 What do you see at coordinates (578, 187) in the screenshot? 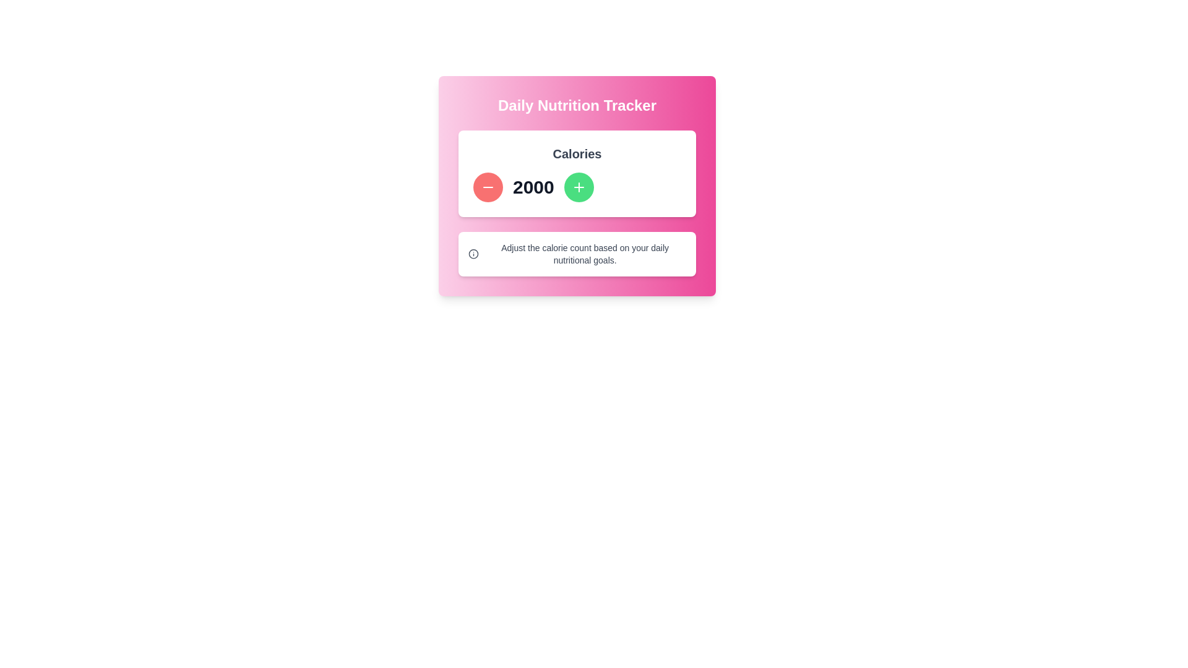
I see `the green button to the right of the number '2000' to increment the value displayed next to it, which is related to the 'Calories' label above` at bounding box center [578, 187].